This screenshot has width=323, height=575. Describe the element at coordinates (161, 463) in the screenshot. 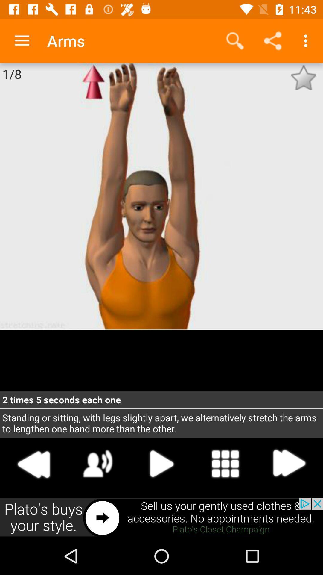

I see `the play icon` at that location.